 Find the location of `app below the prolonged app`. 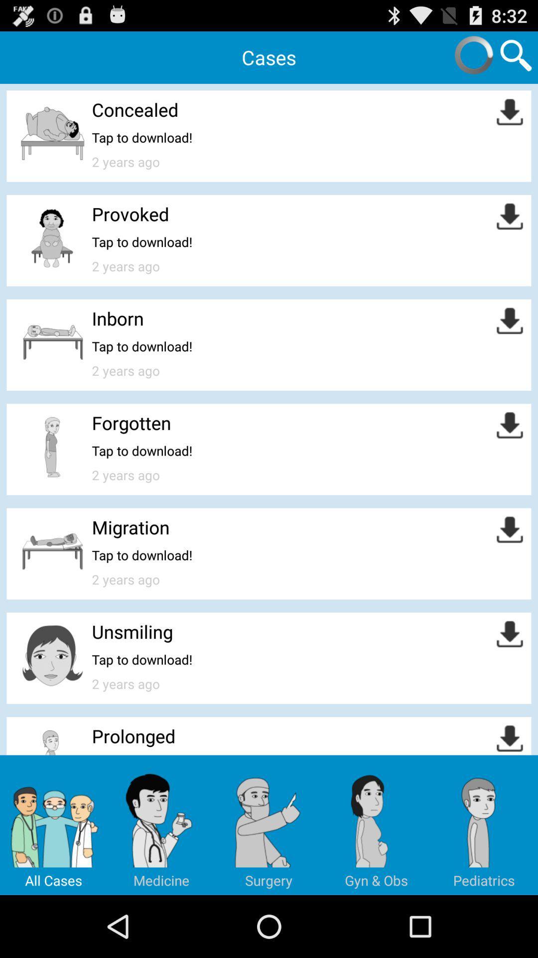

app below the prolonged app is located at coordinates (161, 825).